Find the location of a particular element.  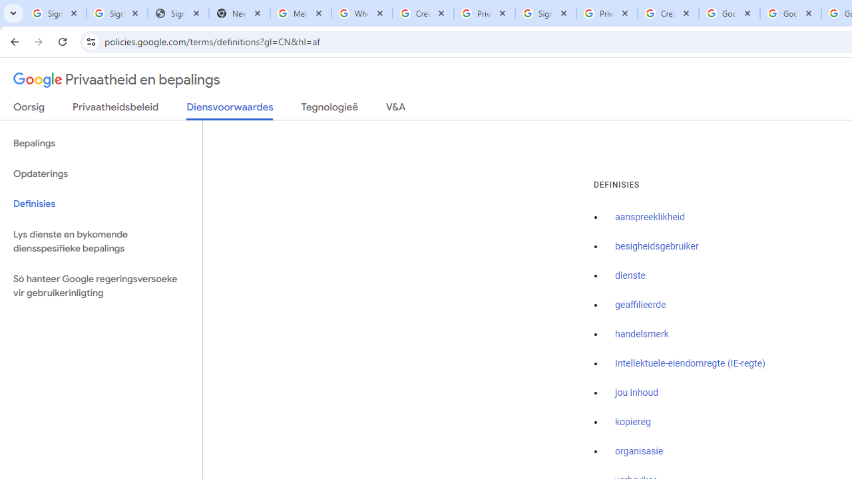

'Who is my administrator? - Google Account Help' is located at coordinates (362, 13).